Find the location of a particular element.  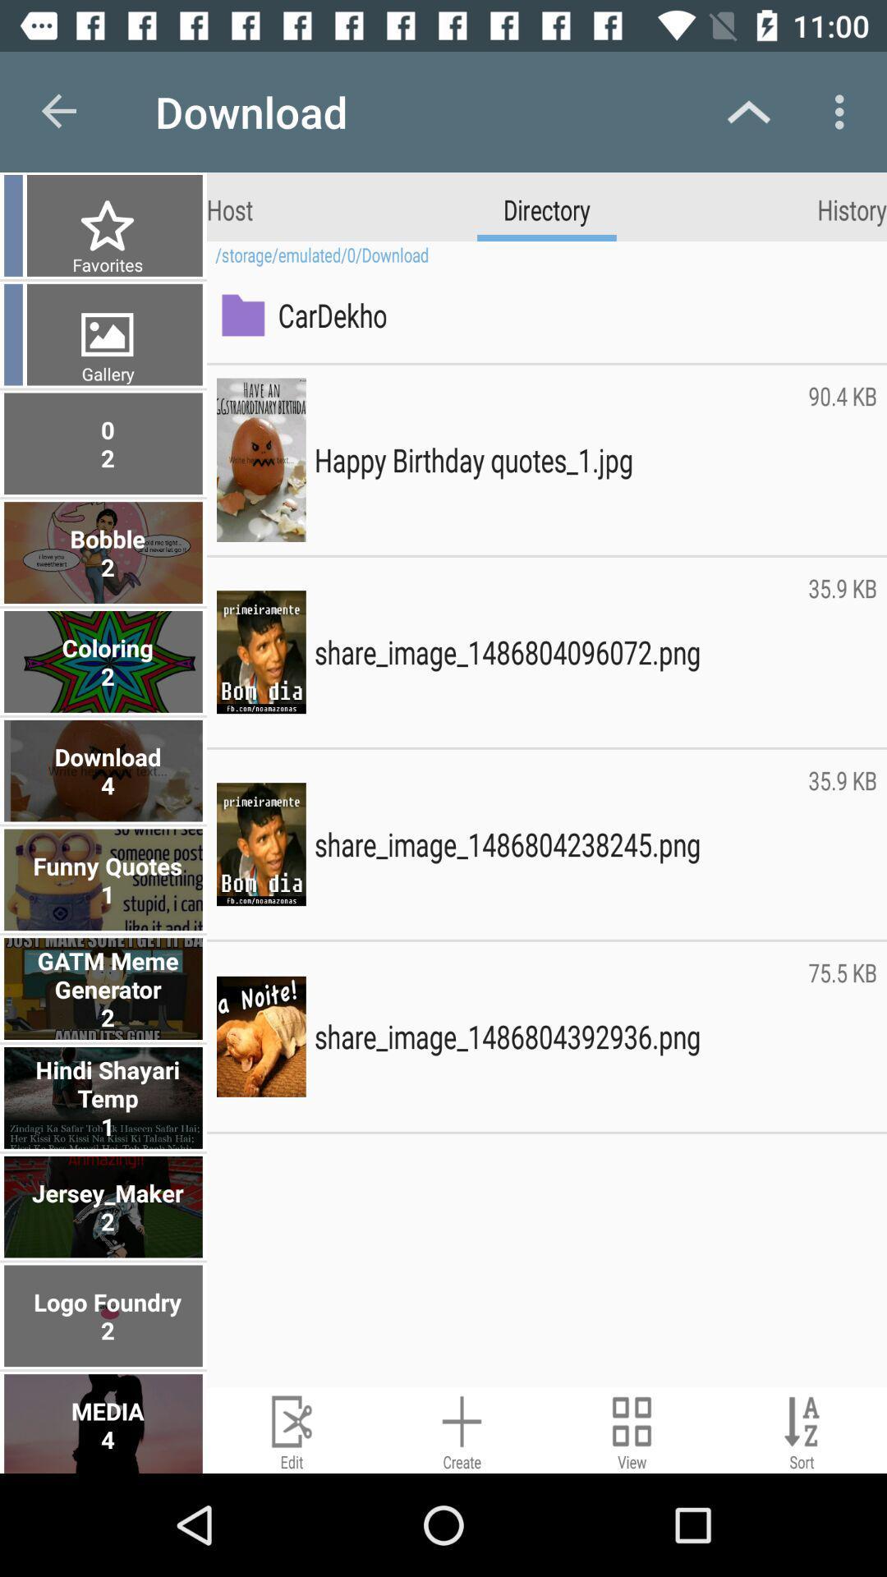

a new picture is located at coordinates (462, 1429).